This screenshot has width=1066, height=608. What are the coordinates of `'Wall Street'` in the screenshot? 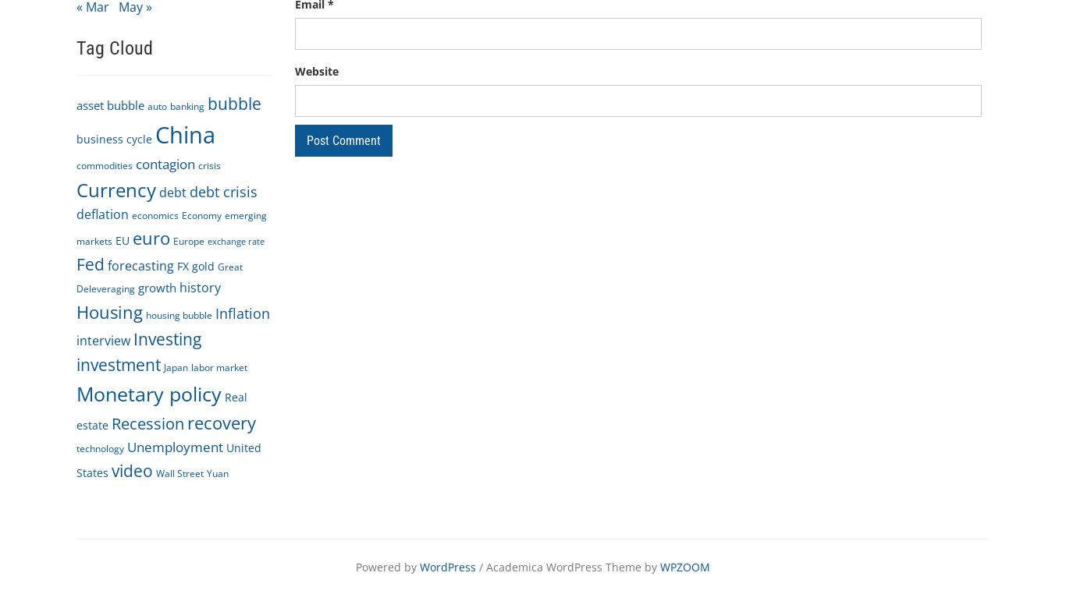 It's located at (179, 472).